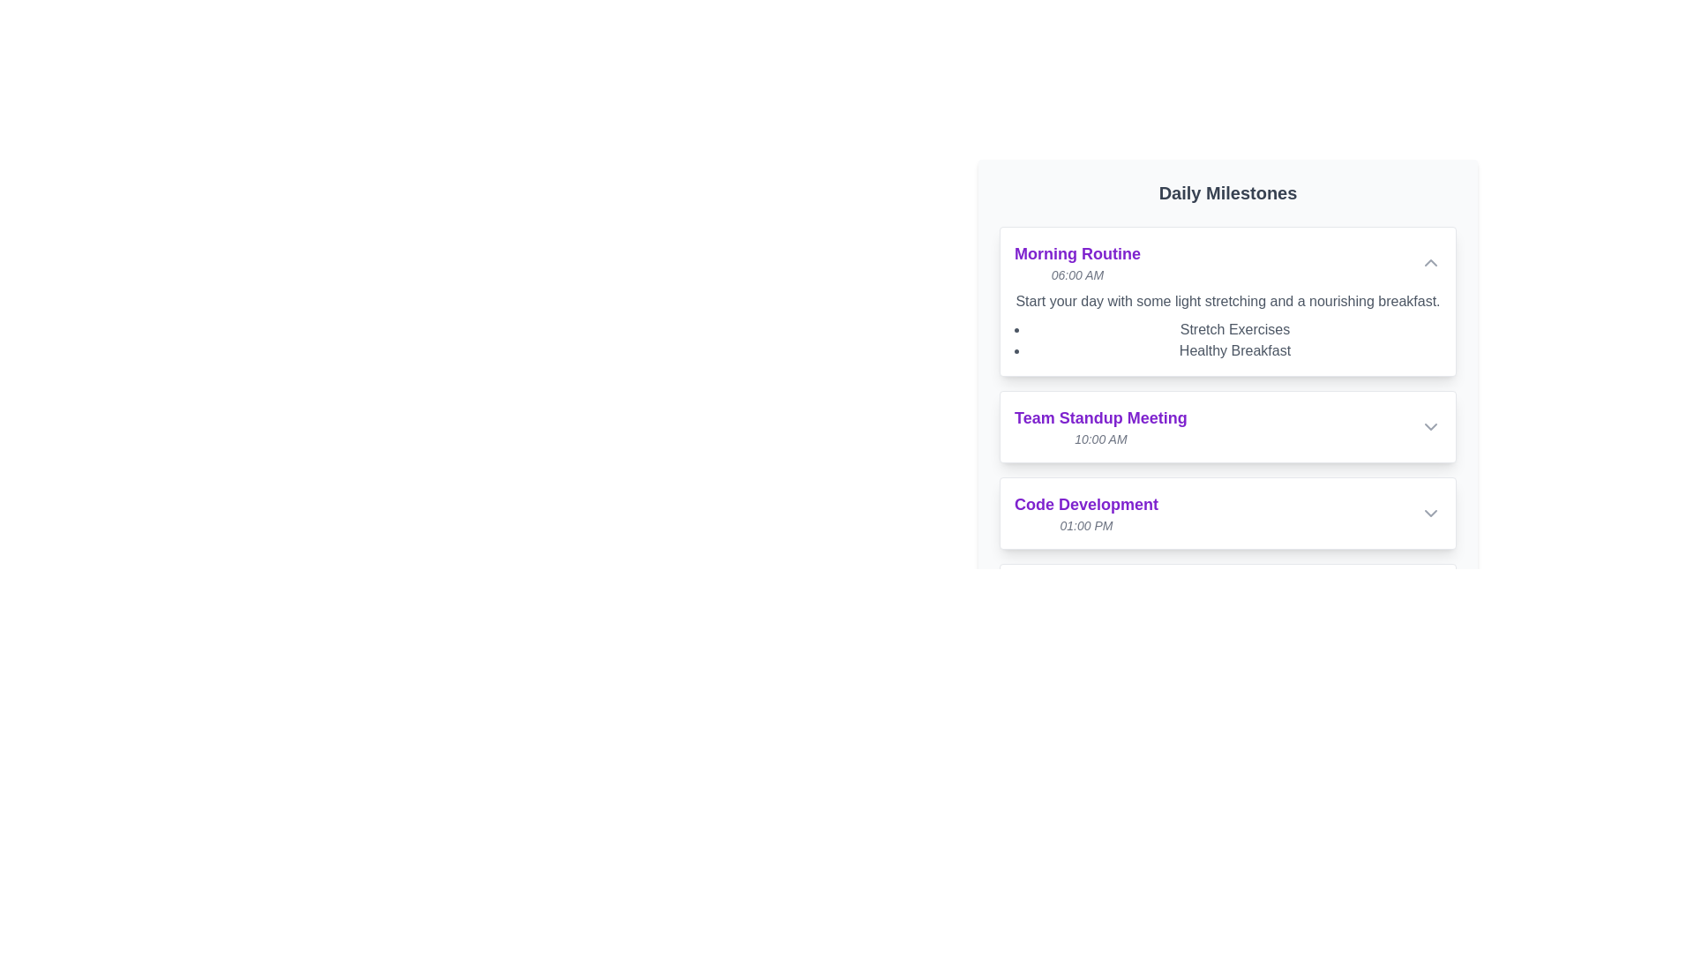 The image size is (1694, 953). Describe the element at coordinates (1227, 301) in the screenshot. I see `the first List item card under the 'Daily Milestones' header, which features a white background, rounded corners, and a title in bold purple text` at that location.